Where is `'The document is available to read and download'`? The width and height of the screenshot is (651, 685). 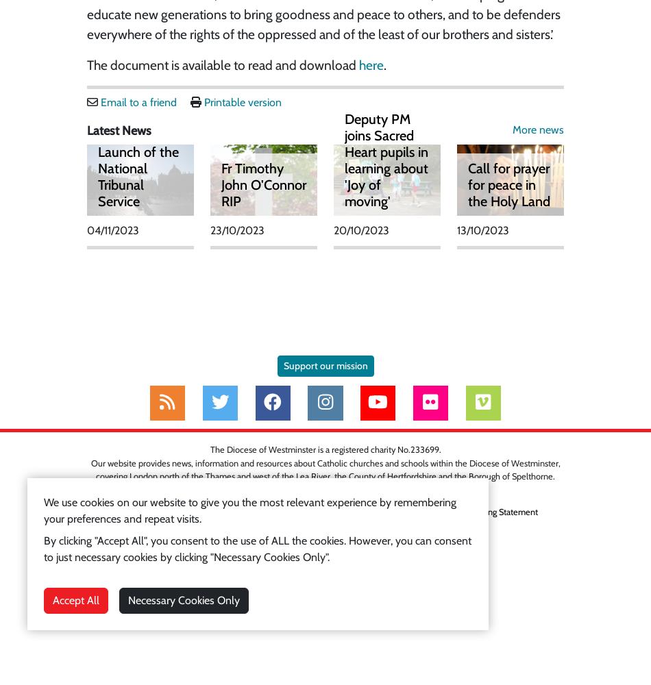
'The document is available to read and download' is located at coordinates (222, 64).